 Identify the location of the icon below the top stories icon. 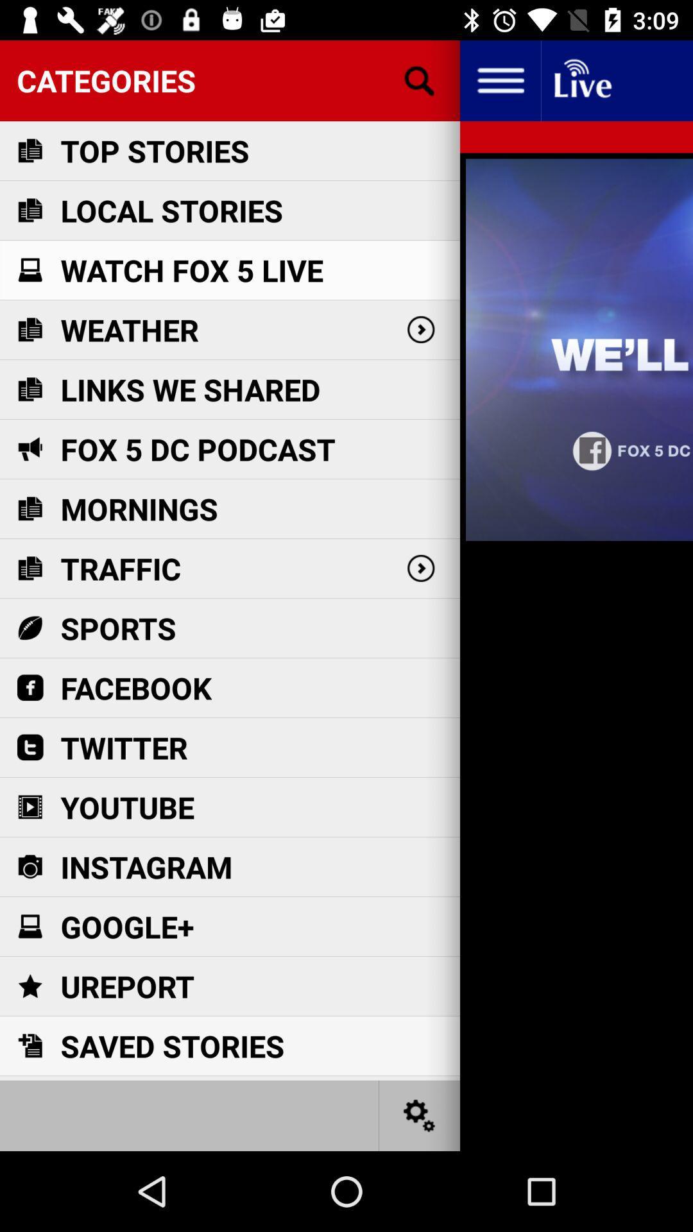
(171, 210).